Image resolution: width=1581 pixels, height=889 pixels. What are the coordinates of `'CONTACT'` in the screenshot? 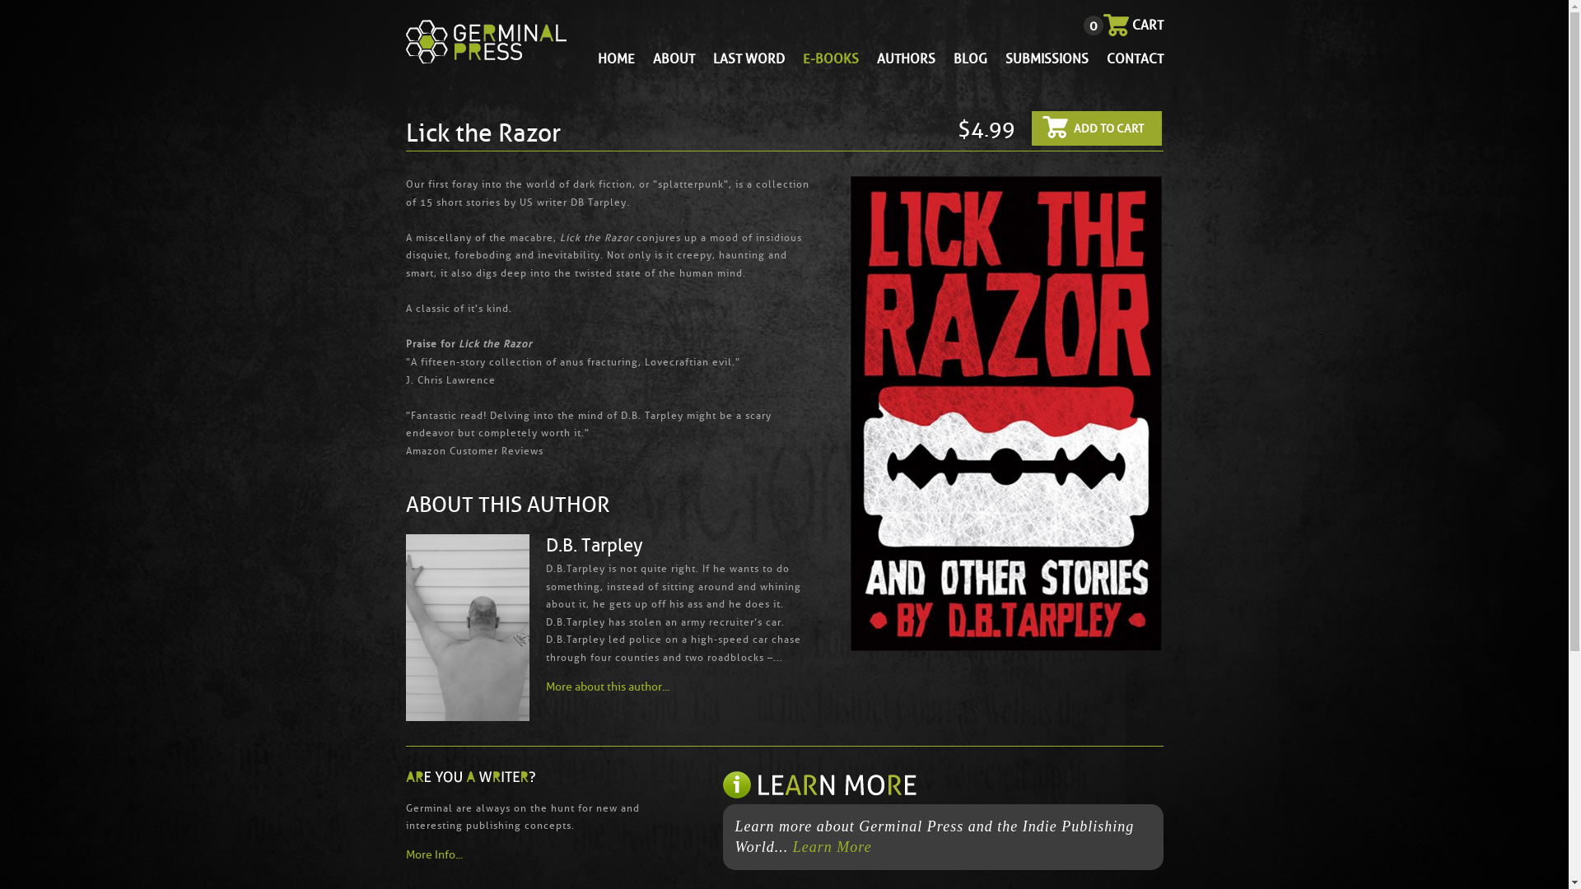 It's located at (1107, 58).